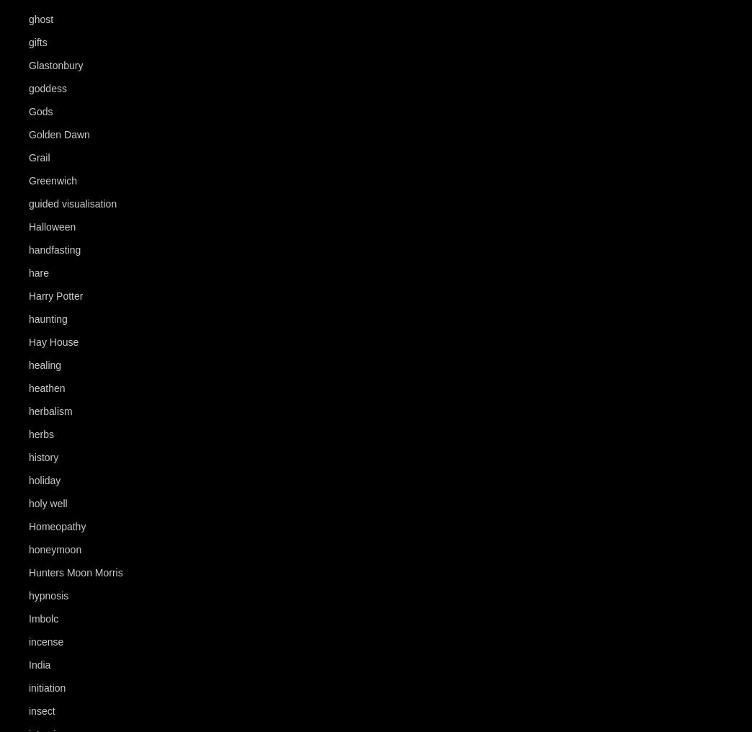 The height and width of the screenshot is (732, 752). Describe the element at coordinates (42, 619) in the screenshot. I see `'Imbolc'` at that location.